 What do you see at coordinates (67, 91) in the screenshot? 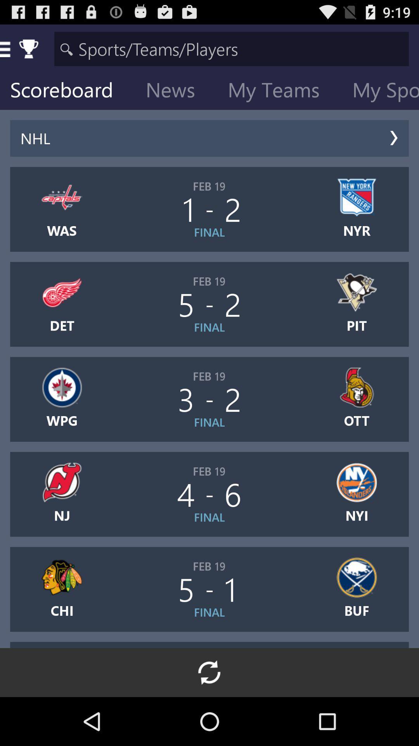
I see `scoreboard item` at bounding box center [67, 91].